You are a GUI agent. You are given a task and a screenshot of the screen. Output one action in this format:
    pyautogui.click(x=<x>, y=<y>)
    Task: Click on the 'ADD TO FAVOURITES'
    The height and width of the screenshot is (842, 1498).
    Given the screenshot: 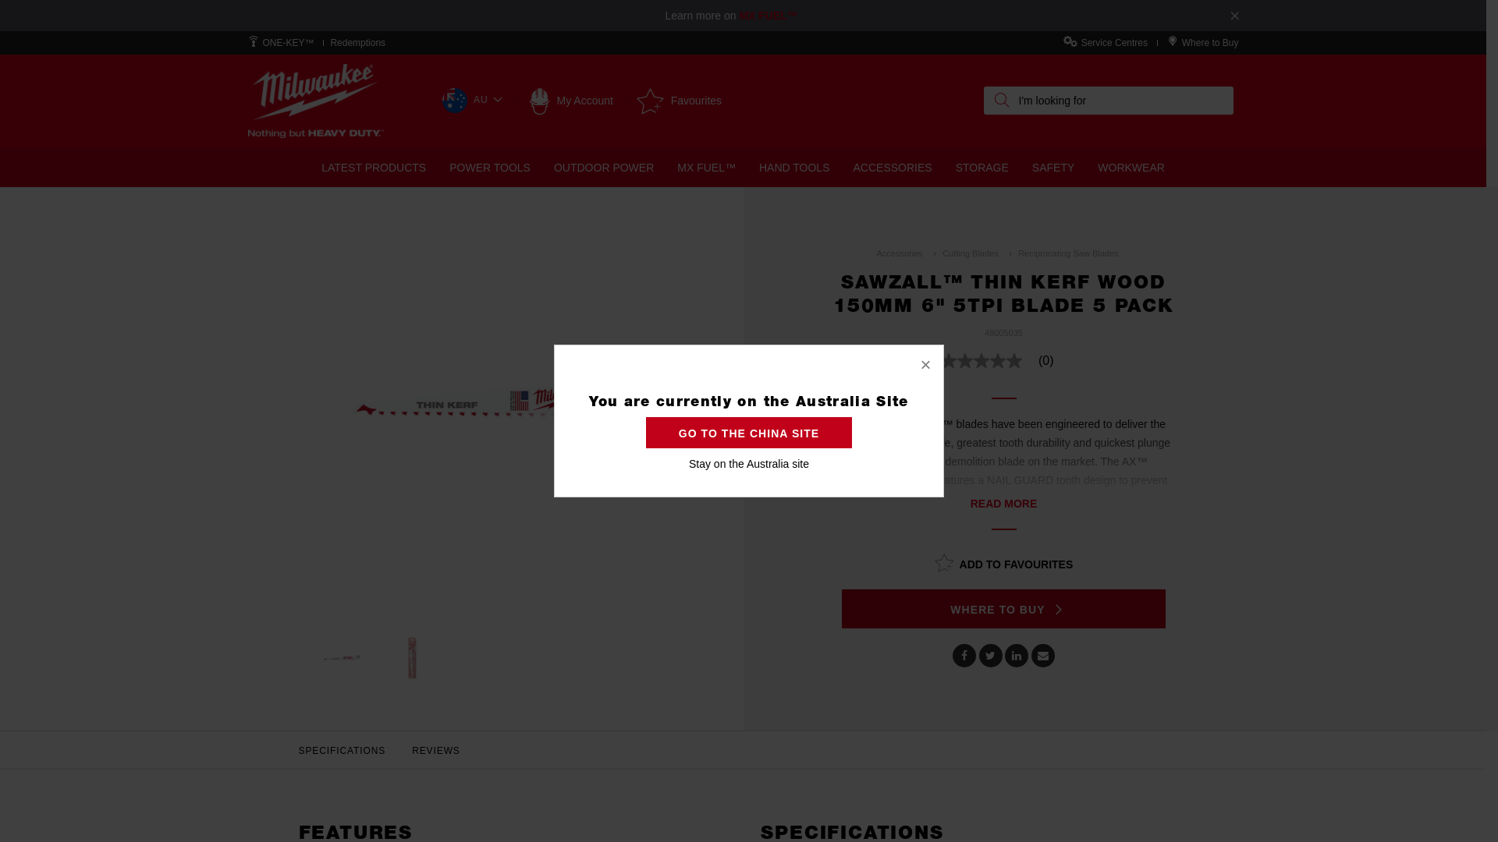 What is the action you would take?
    pyautogui.click(x=1003, y=562)
    